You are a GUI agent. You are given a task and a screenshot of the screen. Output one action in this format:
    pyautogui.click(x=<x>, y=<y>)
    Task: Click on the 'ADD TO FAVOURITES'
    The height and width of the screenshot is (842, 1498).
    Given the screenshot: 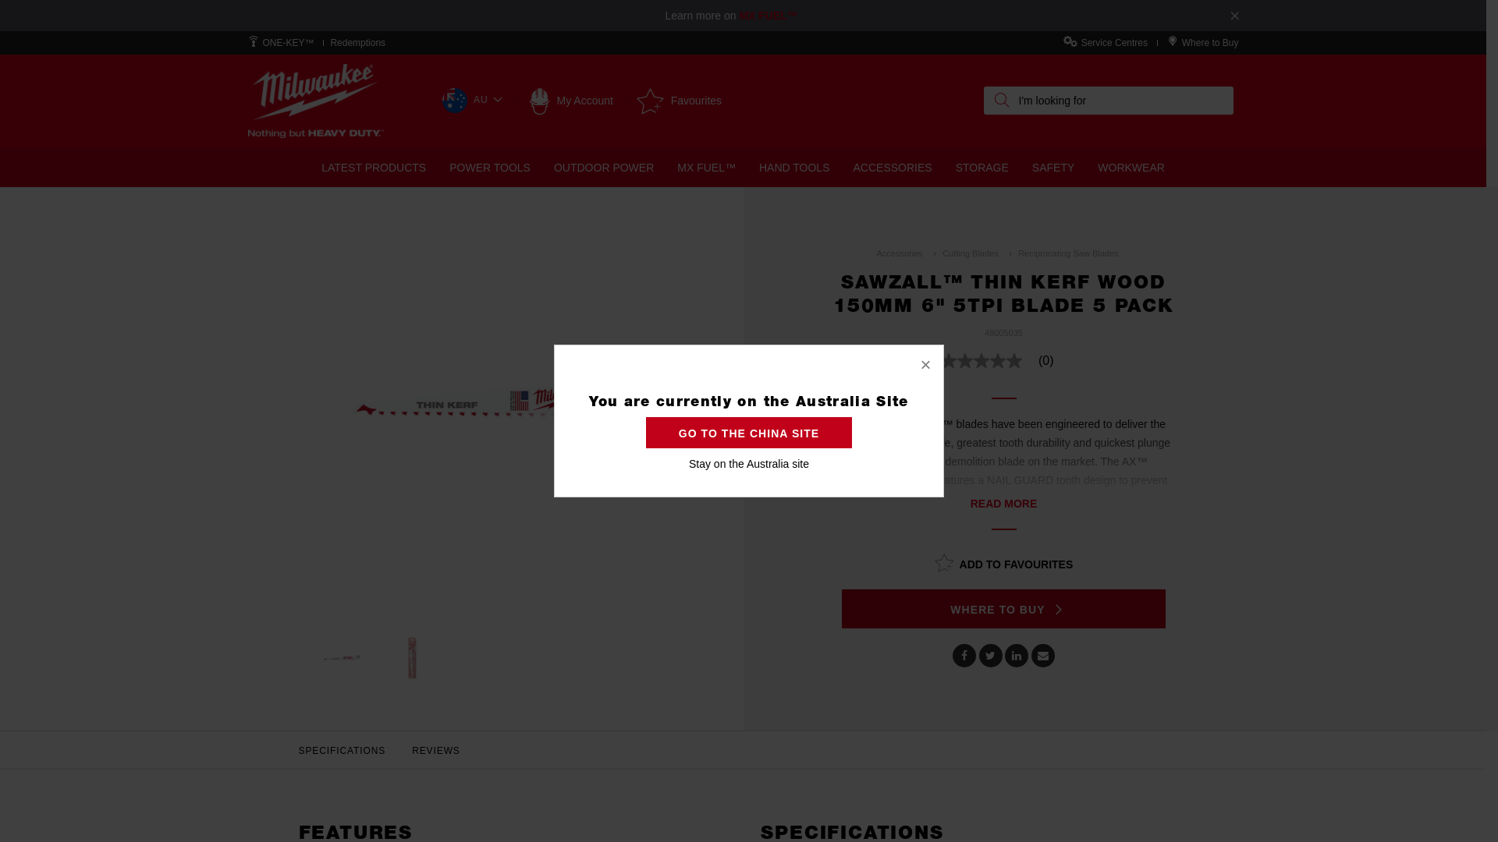 What is the action you would take?
    pyautogui.click(x=1003, y=562)
    